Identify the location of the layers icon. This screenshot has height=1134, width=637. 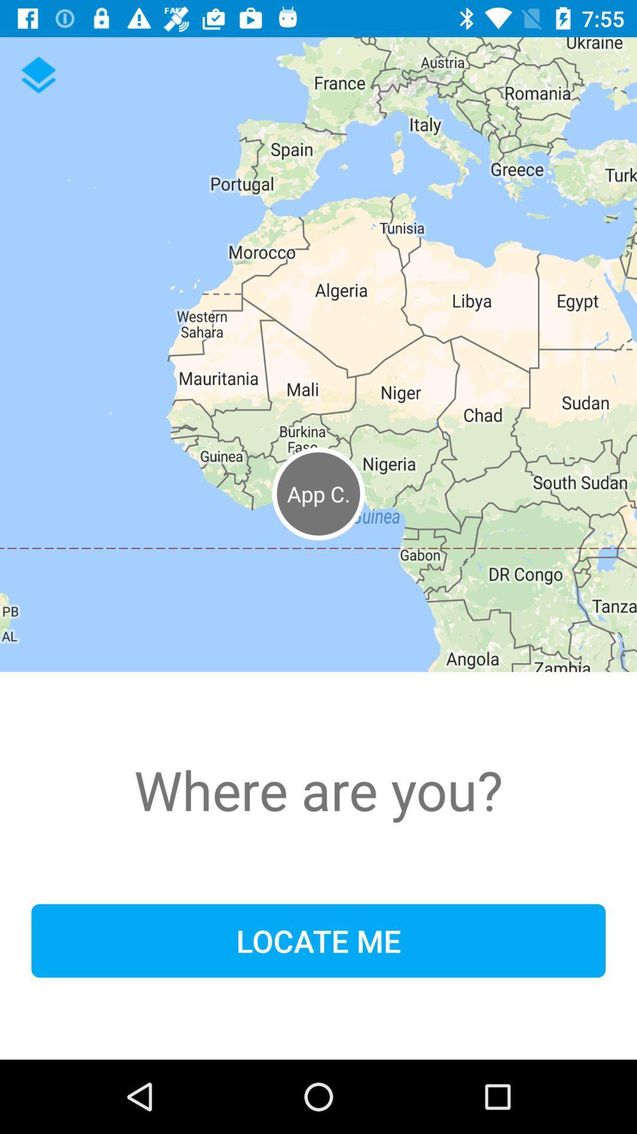
(38, 75).